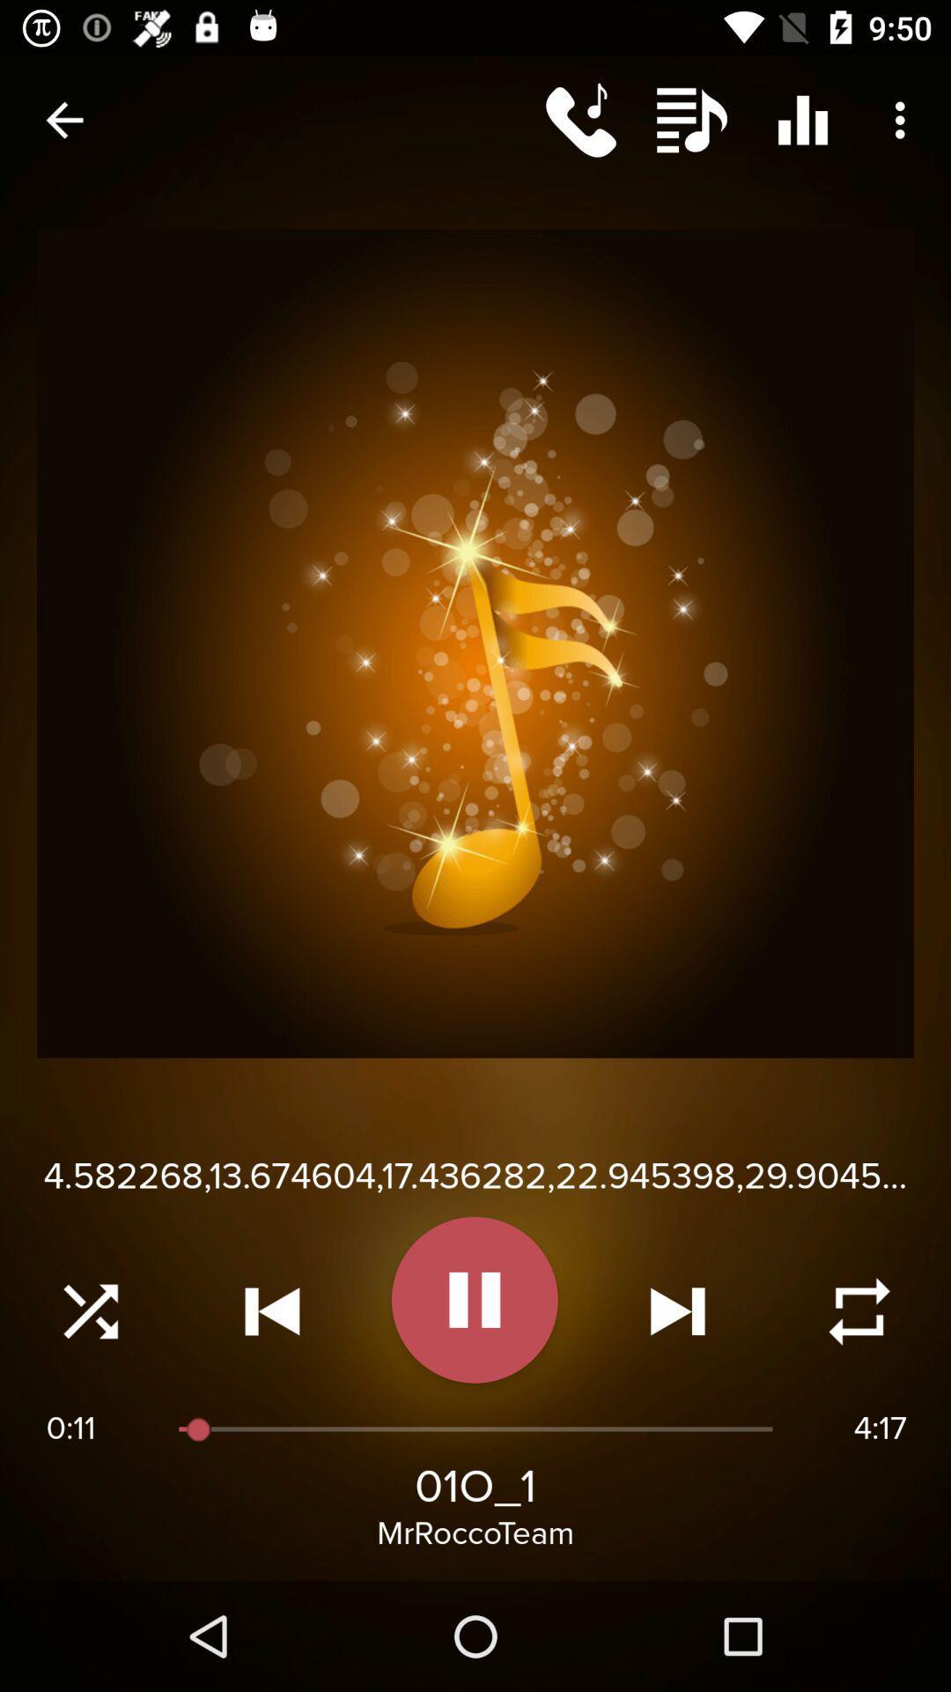 This screenshot has height=1692, width=951. What do you see at coordinates (676, 1311) in the screenshot?
I see `next` at bounding box center [676, 1311].